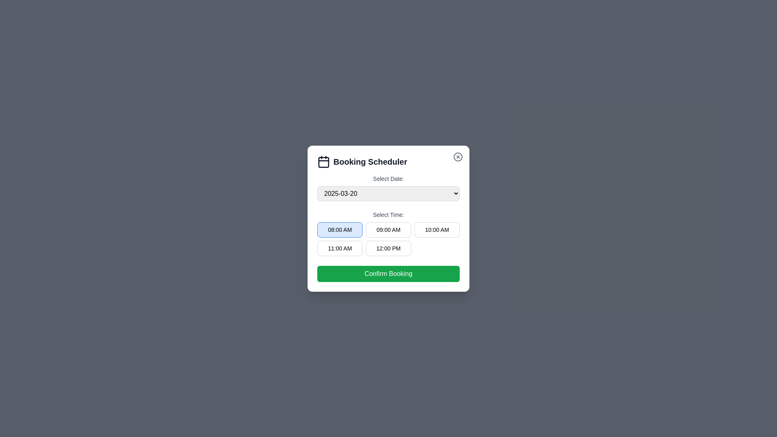  What do you see at coordinates (340, 248) in the screenshot?
I see `the rectangular button labeled '11:00 AM'` at bounding box center [340, 248].